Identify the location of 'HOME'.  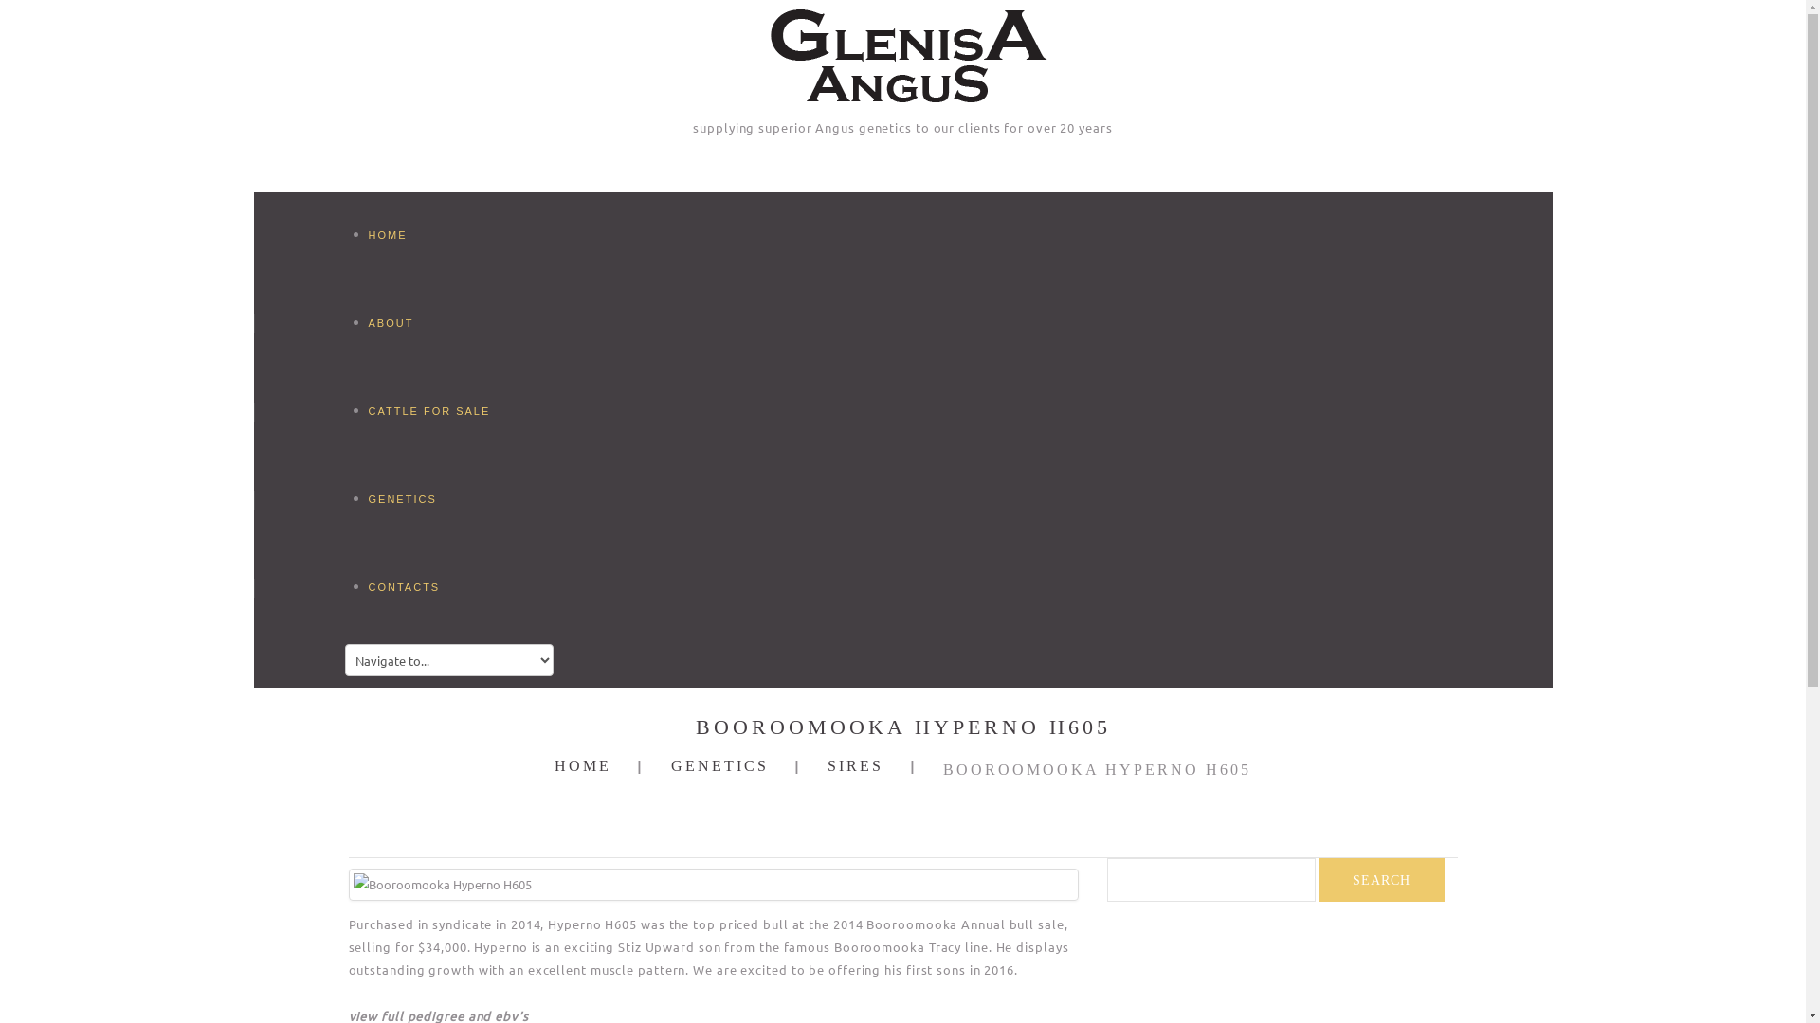
(554, 764).